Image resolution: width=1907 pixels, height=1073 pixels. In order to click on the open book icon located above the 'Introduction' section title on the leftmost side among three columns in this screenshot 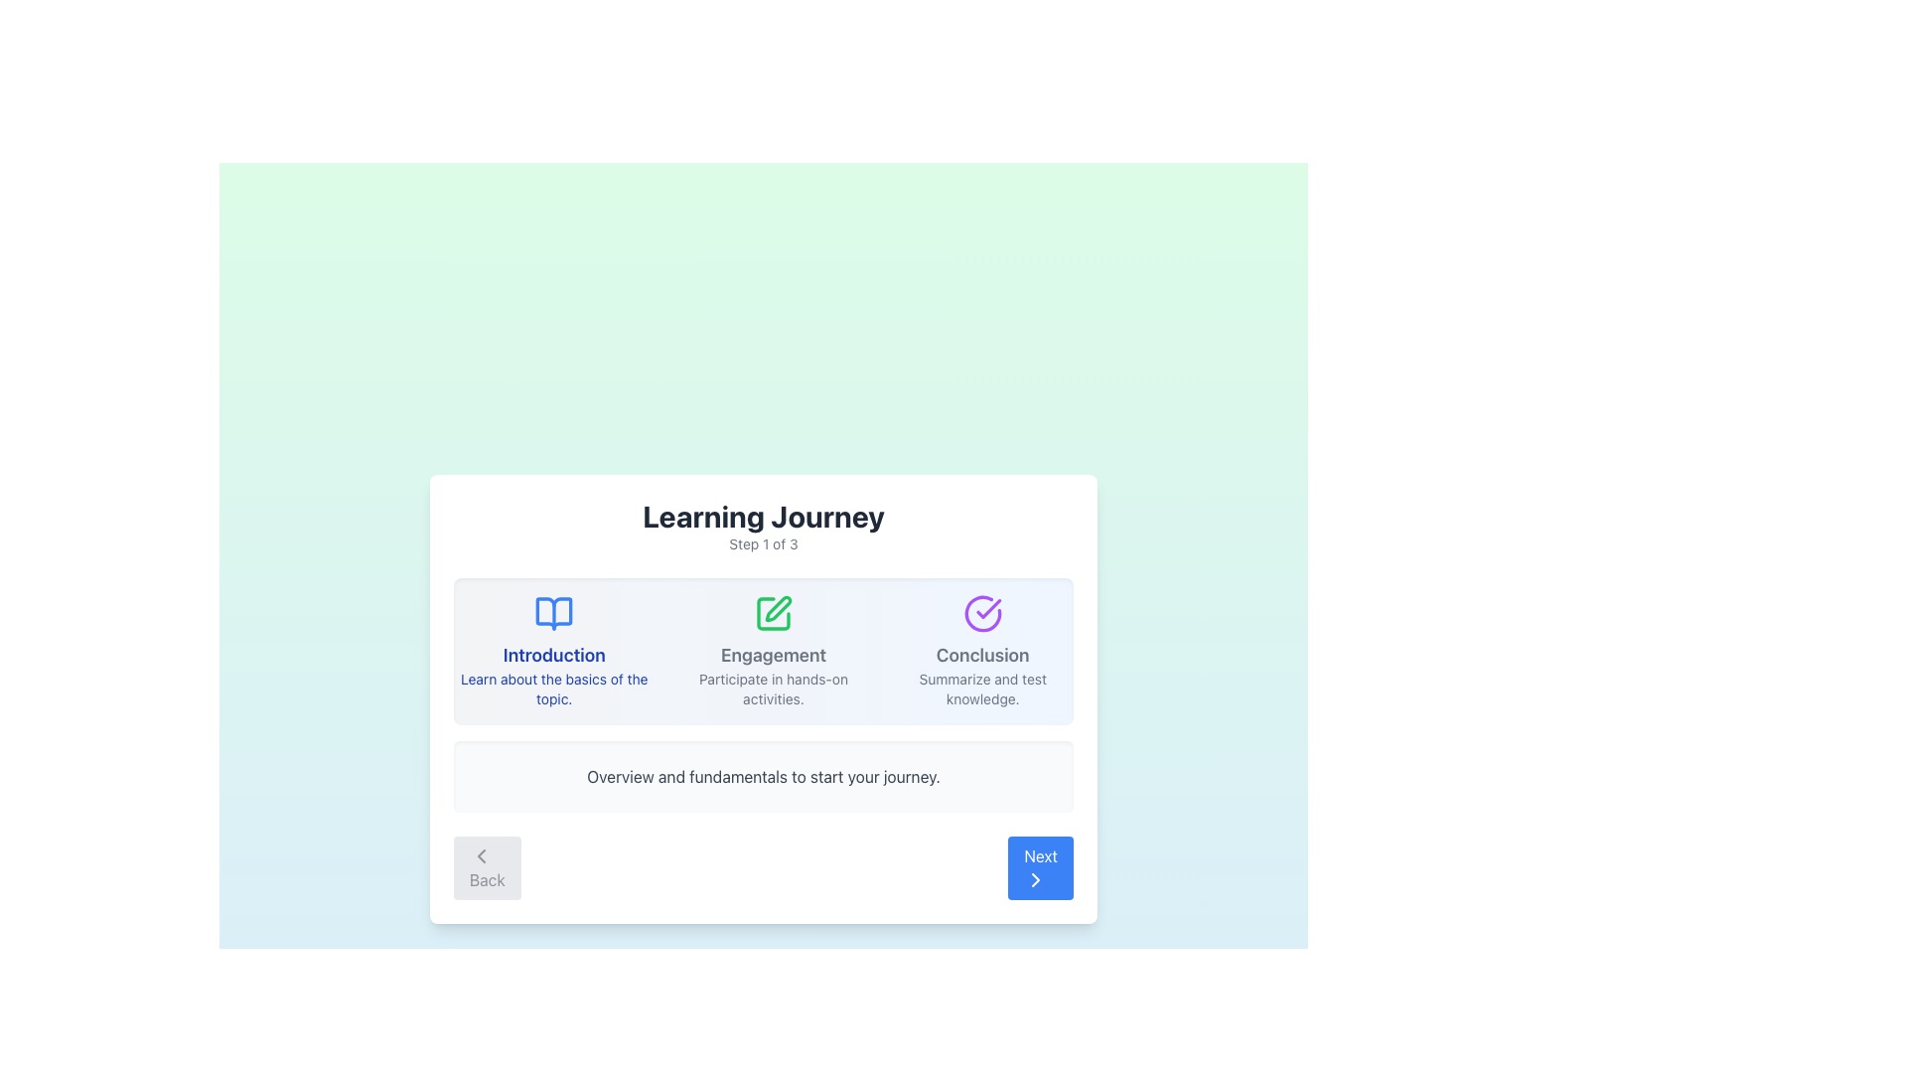, I will do `click(554, 612)`.